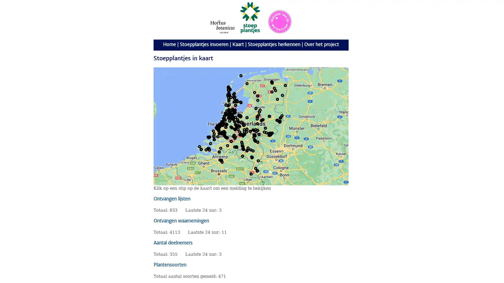 This screenshot has height=283, width=504. What do you see at coordinates (252, 157) in the screenshot?
I see `Telling van Ton Frenken op 06 mei 2022` at bounding box center [252, 157].